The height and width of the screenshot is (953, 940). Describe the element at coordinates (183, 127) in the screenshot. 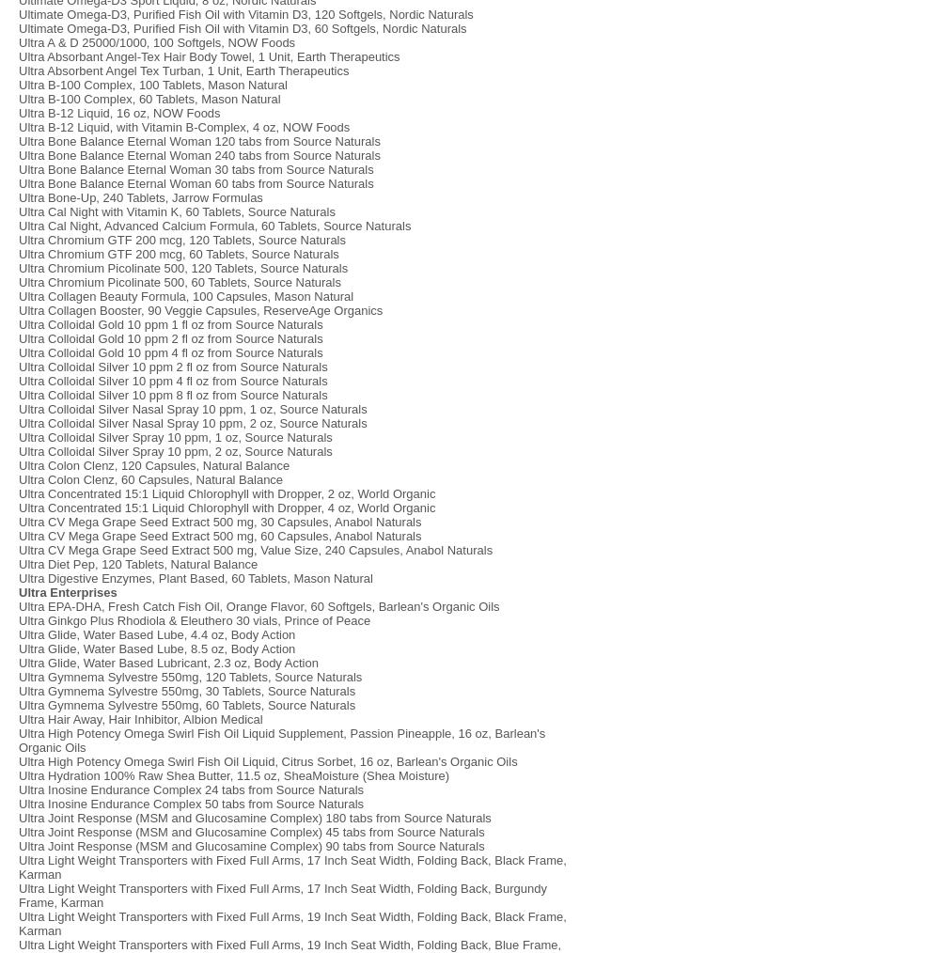

I see `'Ultra B-12 Liquid, with Vitamin B-Complex, 4 oz, NOW Foods'` at that location.